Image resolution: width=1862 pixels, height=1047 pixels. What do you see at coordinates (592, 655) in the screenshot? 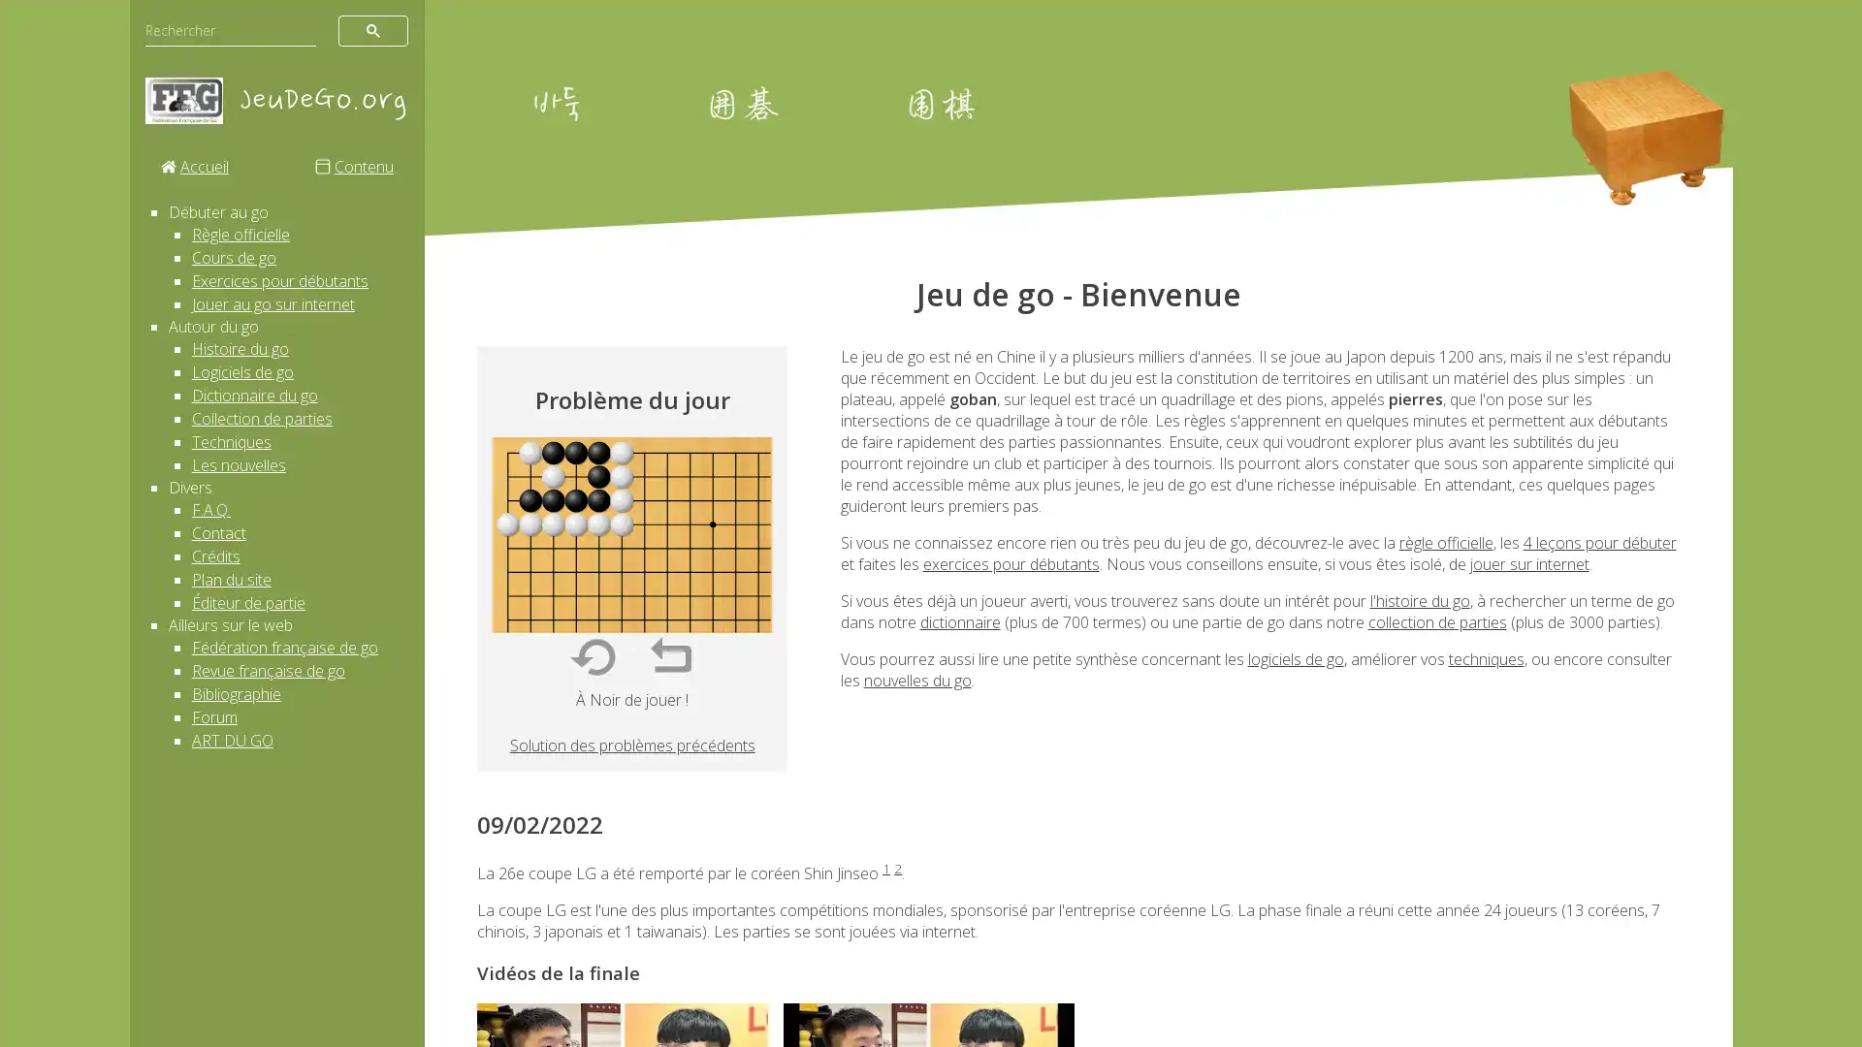
I see `Recommencer tout` at bounding box center [592, 655].